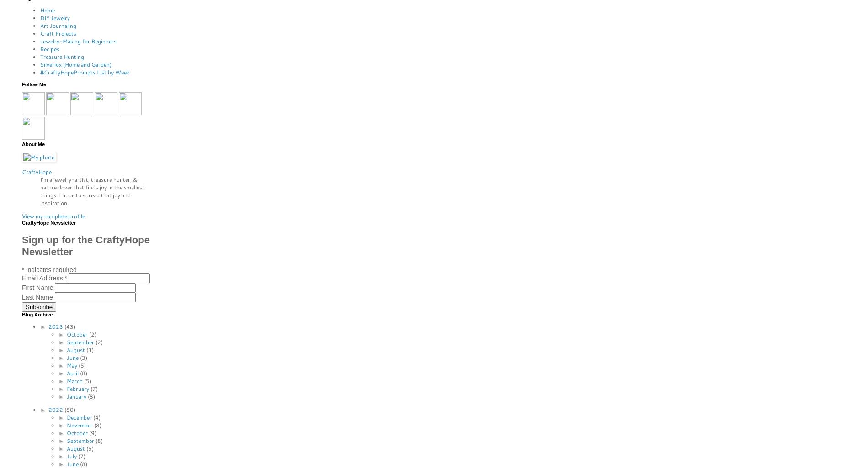  Describe the element at coordinates (66, 424) in the screenshot. I see `'November'` at that location.